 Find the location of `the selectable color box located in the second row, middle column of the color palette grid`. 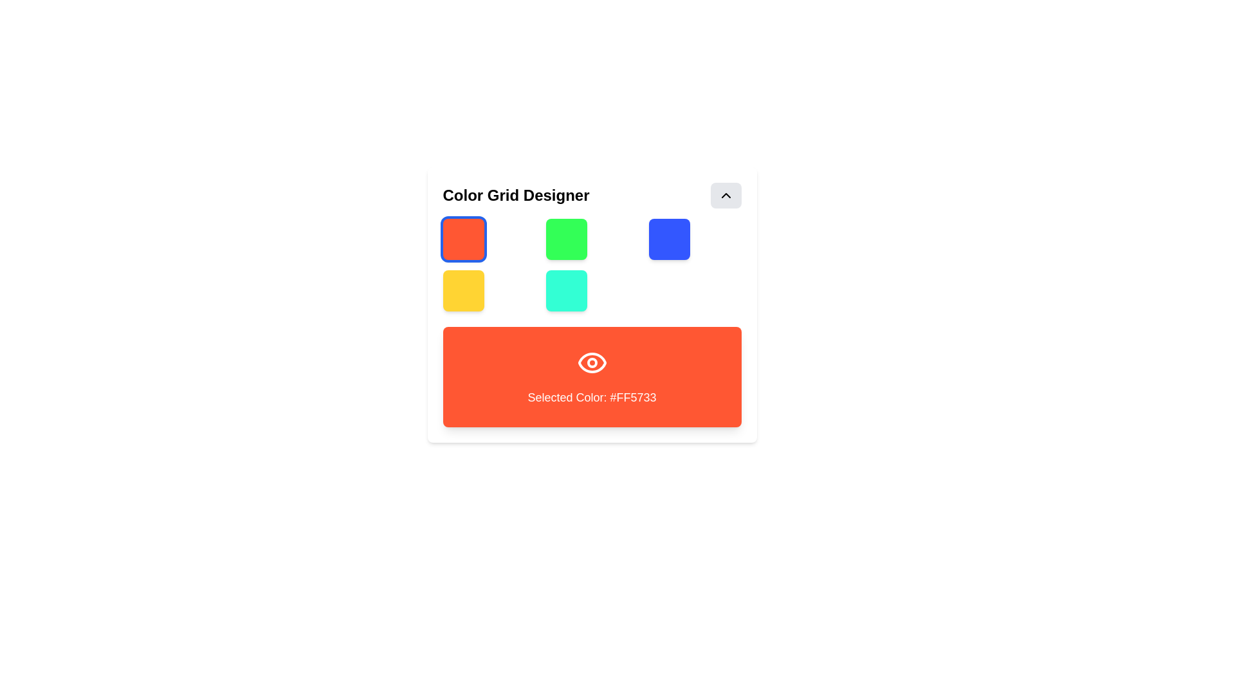

the selectable color box located in the second row, middle column of the color palette grid is located at coordinates (591, 305).